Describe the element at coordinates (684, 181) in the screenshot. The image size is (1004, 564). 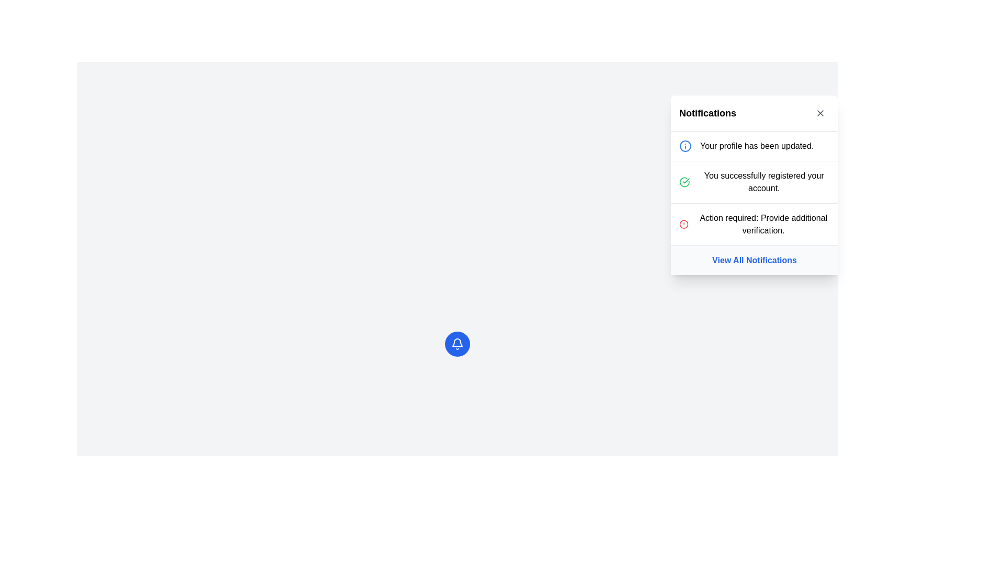
I see `the decorative icon with a green outline and checkmark, which is the first icon in the second notification item in the right-hand notification panel` at that location.